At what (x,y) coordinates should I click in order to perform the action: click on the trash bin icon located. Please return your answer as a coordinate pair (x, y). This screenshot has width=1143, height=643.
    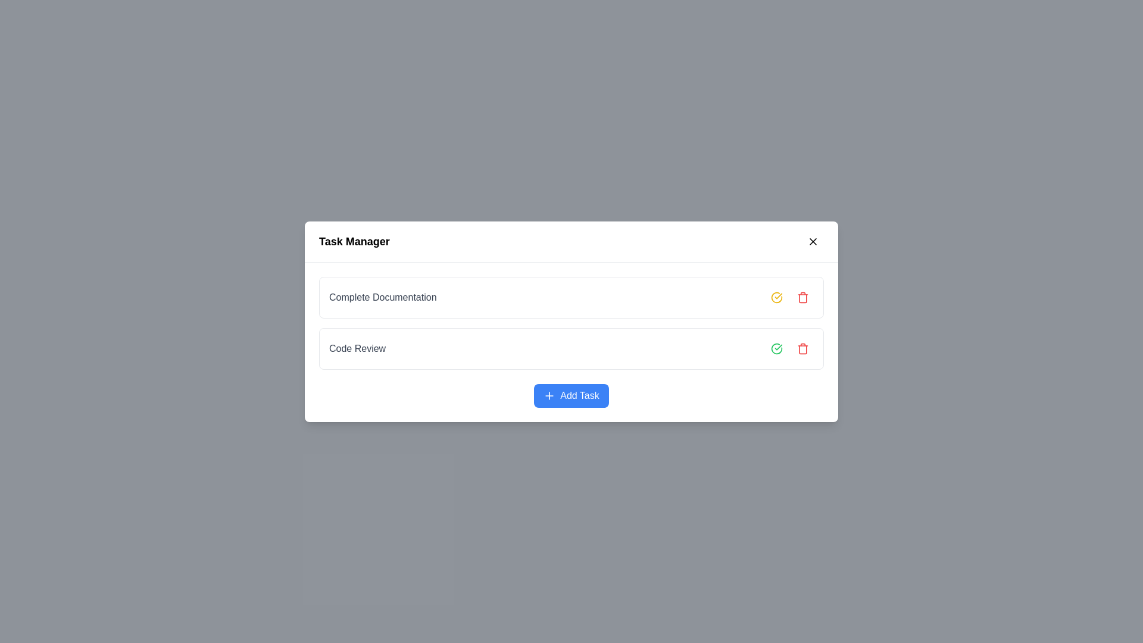
    Looking at the image, I should click on (802, 348).